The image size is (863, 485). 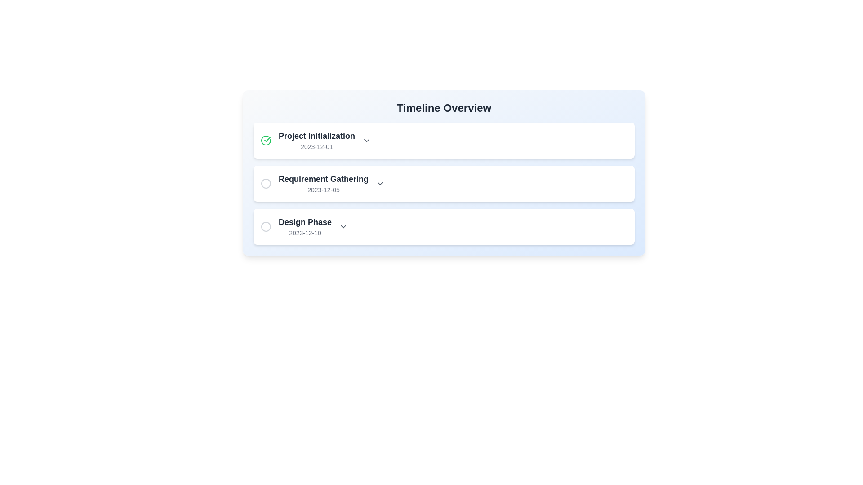 I want to click on the text group containing the bold title 'Project Initialization' and the date '2023-12-01', which is located below the 'Timeline Overview' title and to the right of a checkmark icon, so click(x=317, y=140).